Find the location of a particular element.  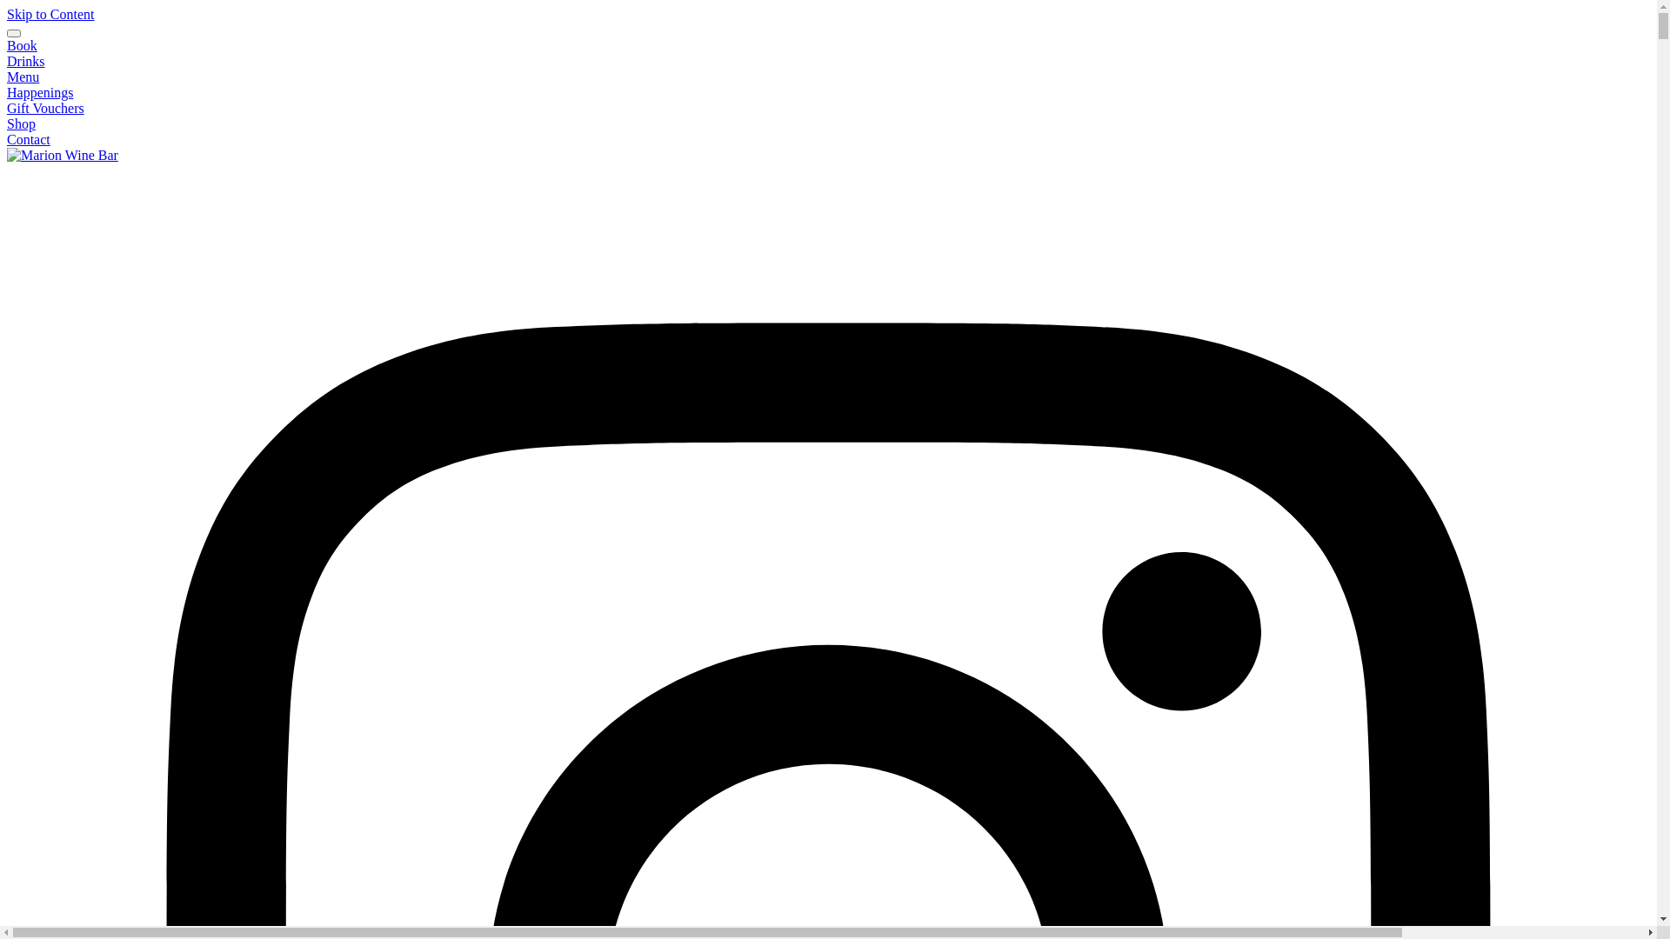

'Drinks' is located at coordinates (25, 60).